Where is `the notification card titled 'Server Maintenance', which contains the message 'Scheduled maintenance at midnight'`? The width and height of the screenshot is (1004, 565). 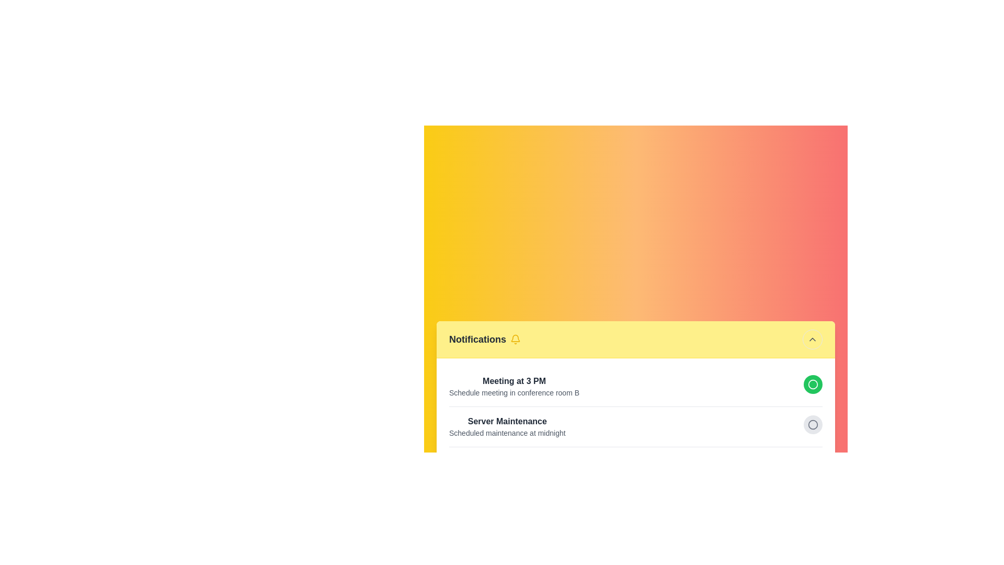 the notification card titled 'Server Maintenance', which contains the message 'Scheduled maintenance at midnight' is located at coordinates (635, 426).